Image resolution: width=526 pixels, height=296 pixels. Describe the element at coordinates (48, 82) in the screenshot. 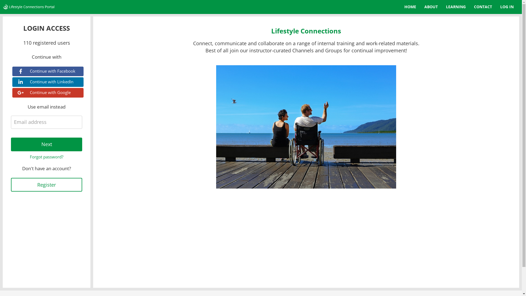

I see `'Continue with LinkedIn'` at that location.